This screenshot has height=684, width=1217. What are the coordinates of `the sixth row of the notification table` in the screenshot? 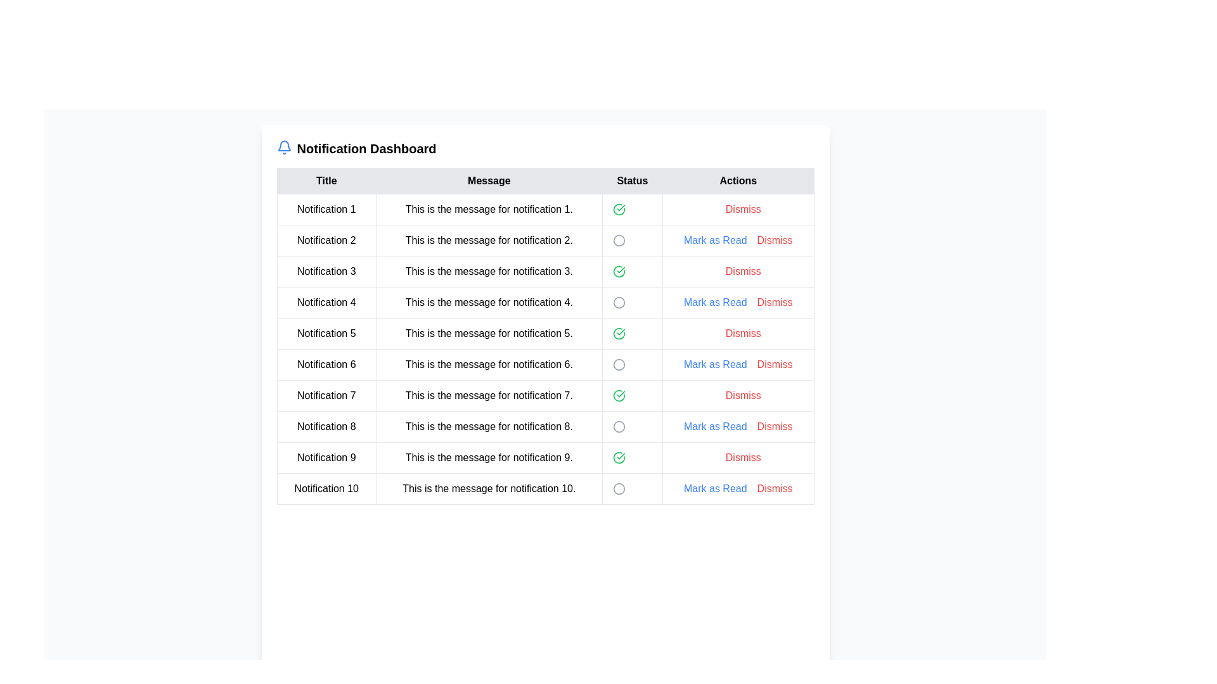 It's located at (545, 364).